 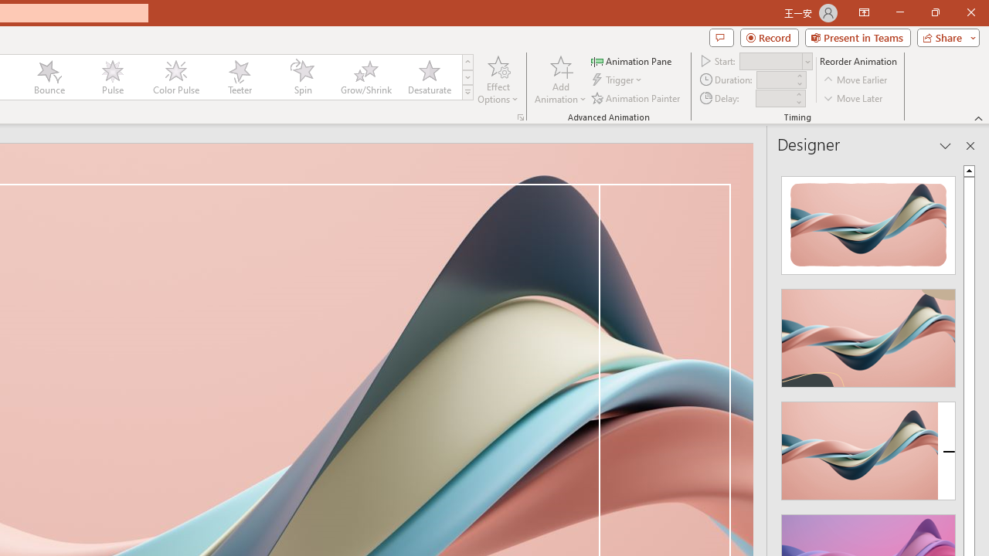 What do you see at coordinates (467, 93) in the screenshot?
I see `'Animation Styles'` at bounding box center [467, 93].